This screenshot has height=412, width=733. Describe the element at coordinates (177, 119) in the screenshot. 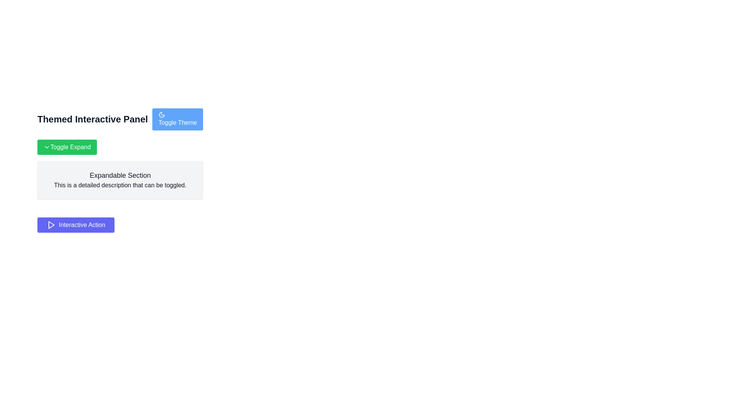

I see `the rounded rectangular blue button labeled 'Toggle Theme' with a moon icon` at that location.